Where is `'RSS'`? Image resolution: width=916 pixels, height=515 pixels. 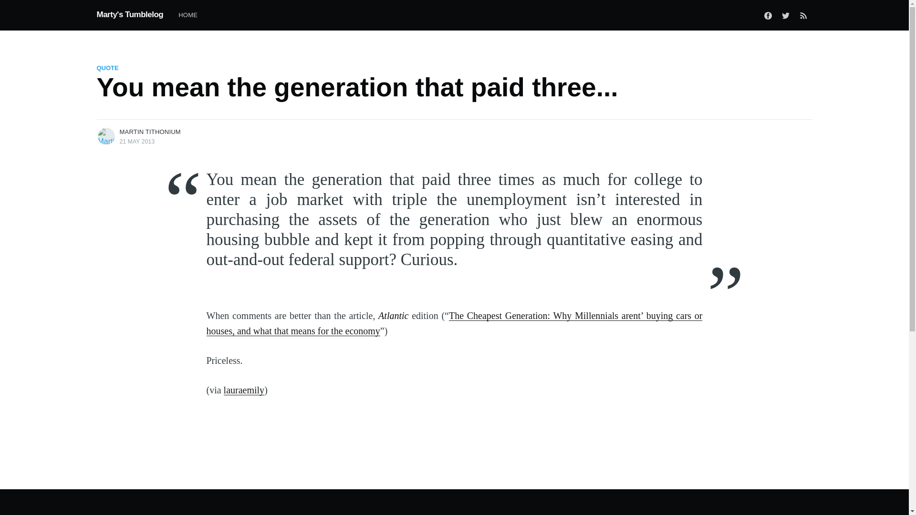
'RSS' is located at coordinates (803, 15).